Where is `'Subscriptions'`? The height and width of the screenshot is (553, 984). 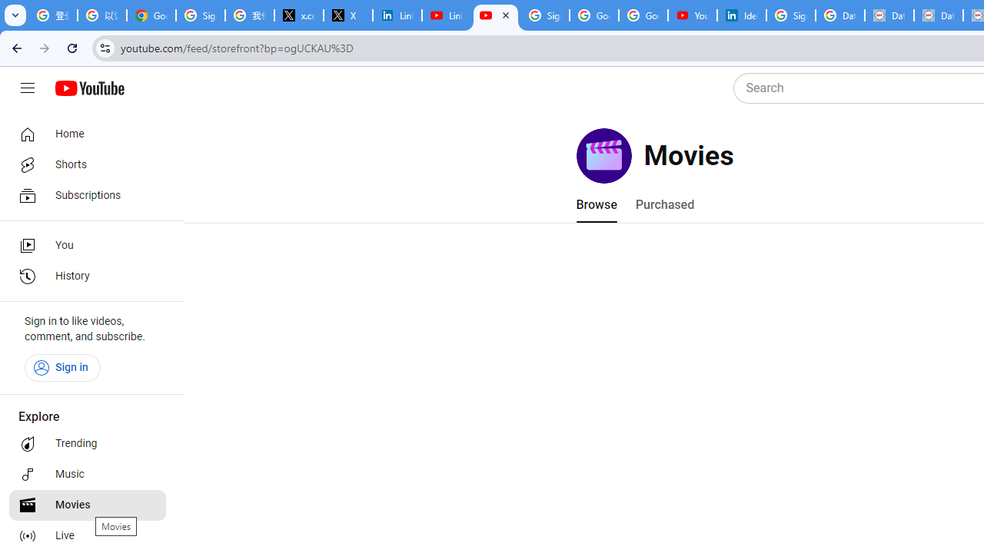 'Subscriptions' is located at coordinates (86, 194).